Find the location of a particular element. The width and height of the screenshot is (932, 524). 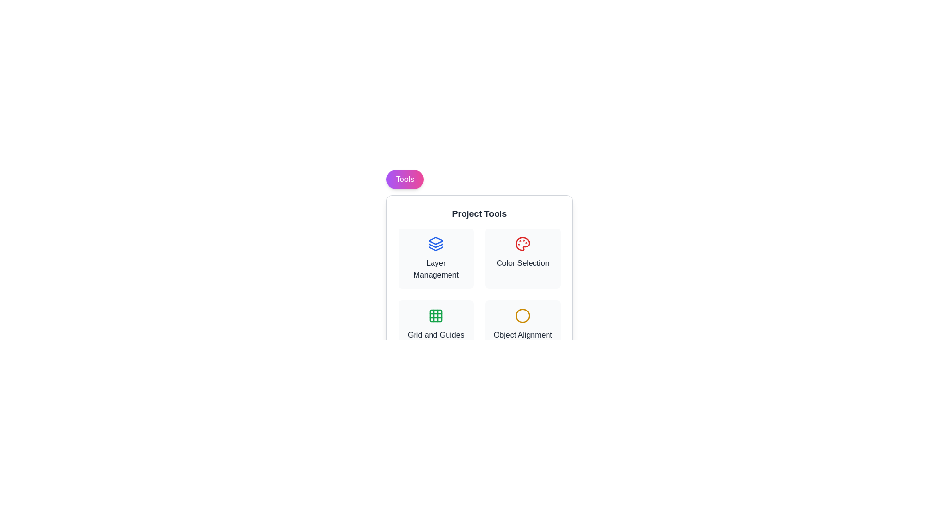

the button that toggles the context menu for 'Tools' is located at coordinates (405, 180).